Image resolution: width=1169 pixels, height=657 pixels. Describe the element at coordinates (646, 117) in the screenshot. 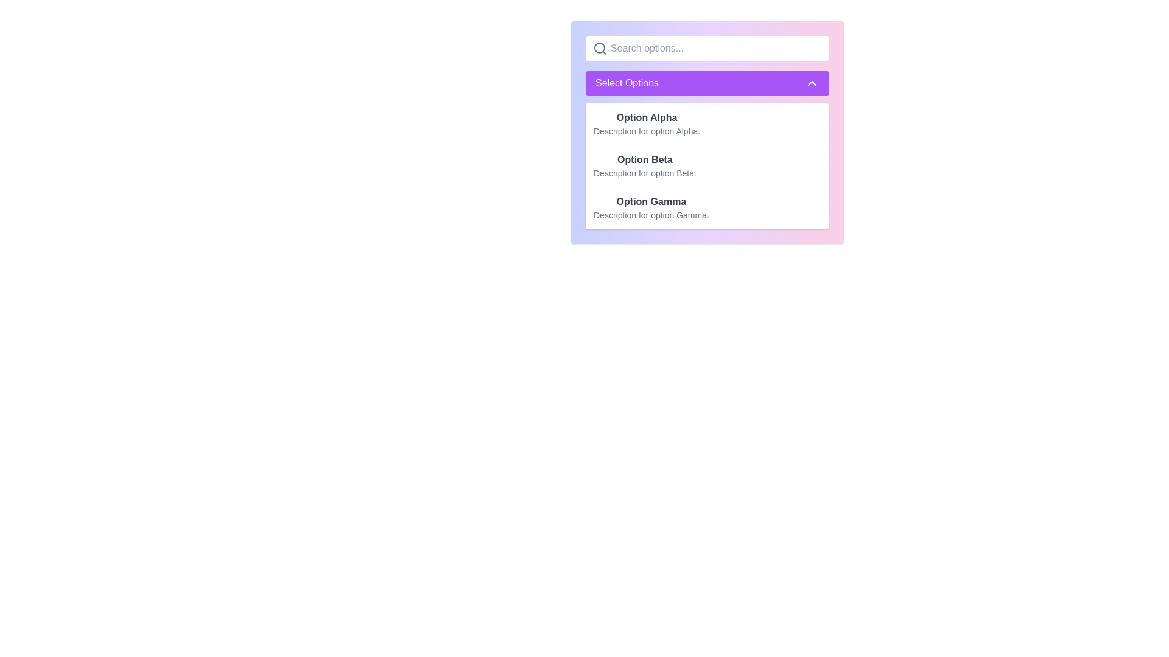

I see `the bold text label 'Option Alpha' in the dropdown list, which is styled with a darker font color and located above its description text, indicating a selectable item` at that location.